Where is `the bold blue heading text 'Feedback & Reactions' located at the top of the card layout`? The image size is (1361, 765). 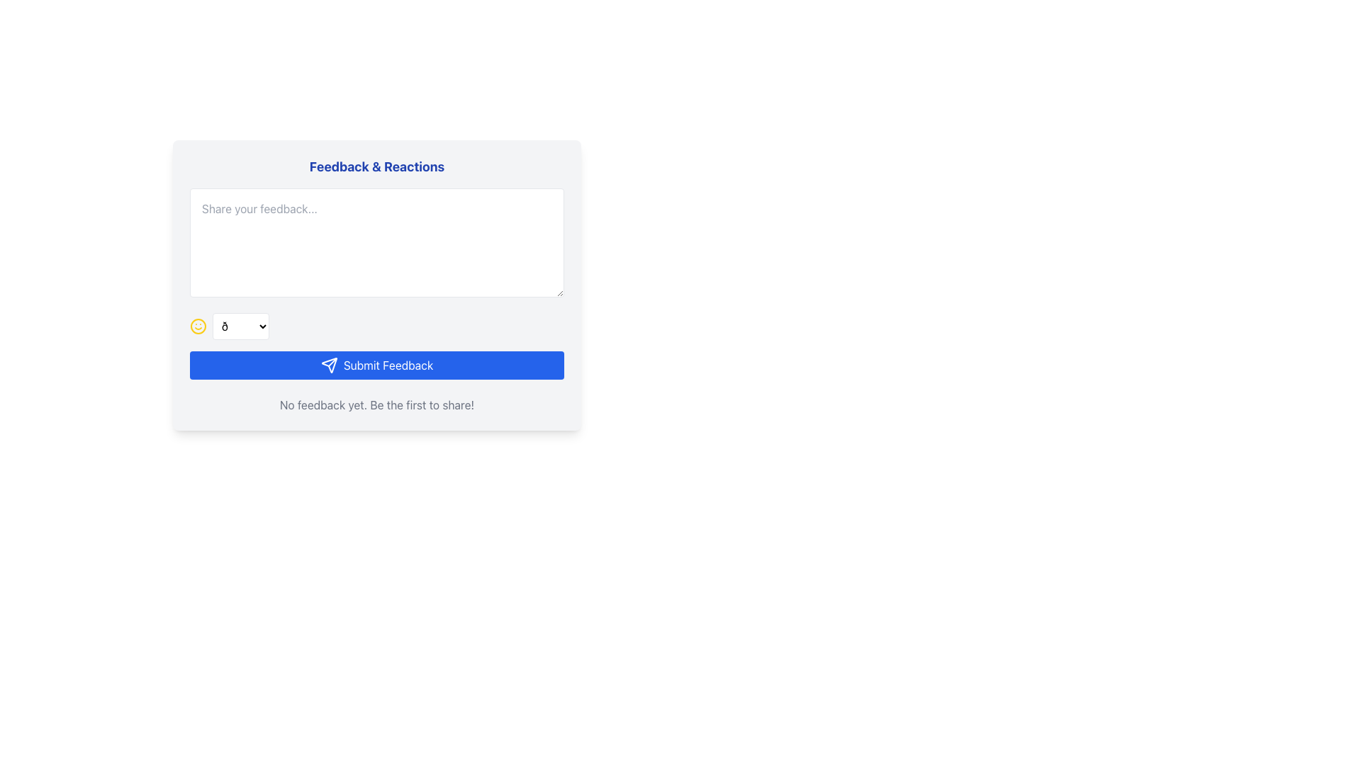
the bold blue heading text 'Feedback & Reactions' located at the top of the card layout is located at coordinates (377, 166).